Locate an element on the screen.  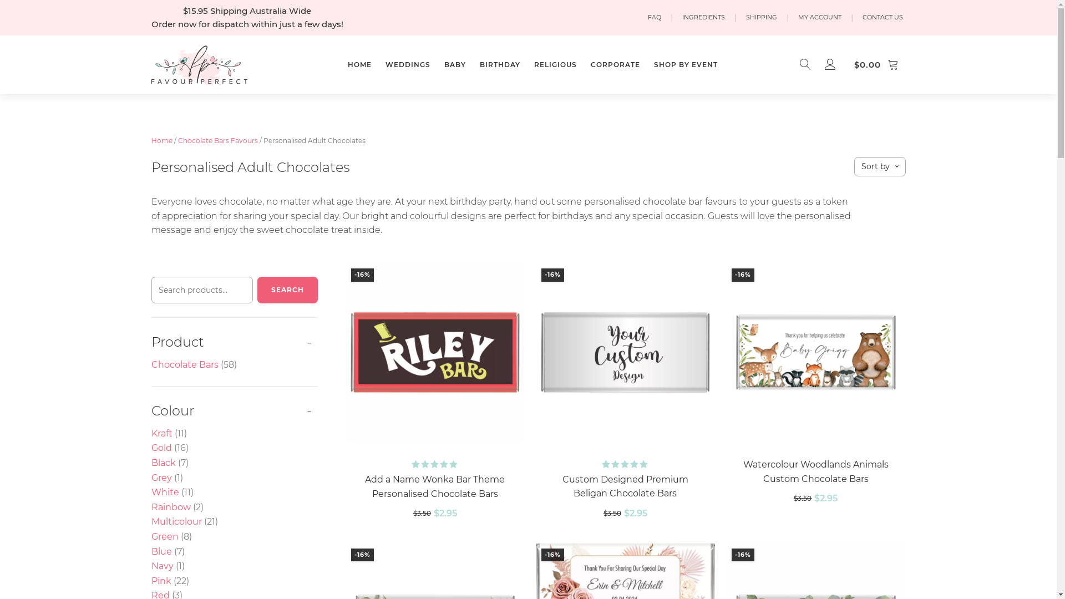
'Black' is located at coordinates (162, 463).